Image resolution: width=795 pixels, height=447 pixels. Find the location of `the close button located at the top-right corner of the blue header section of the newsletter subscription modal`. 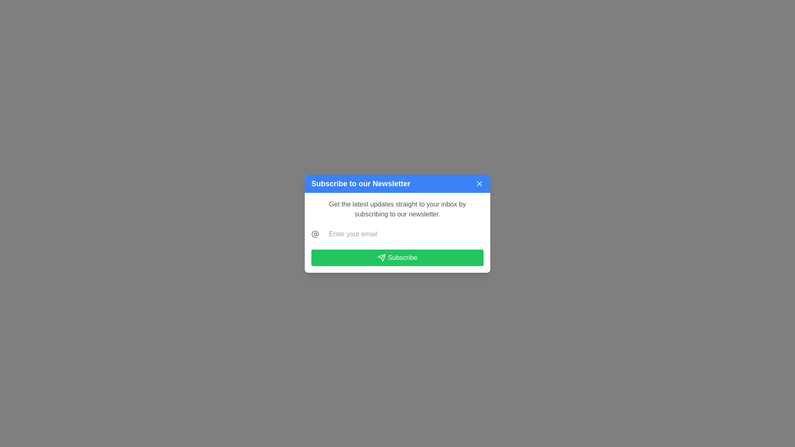

the close button located at the top-right corner of the blue header section of the newsletter subscription modal is located at coordinates (479, 183).